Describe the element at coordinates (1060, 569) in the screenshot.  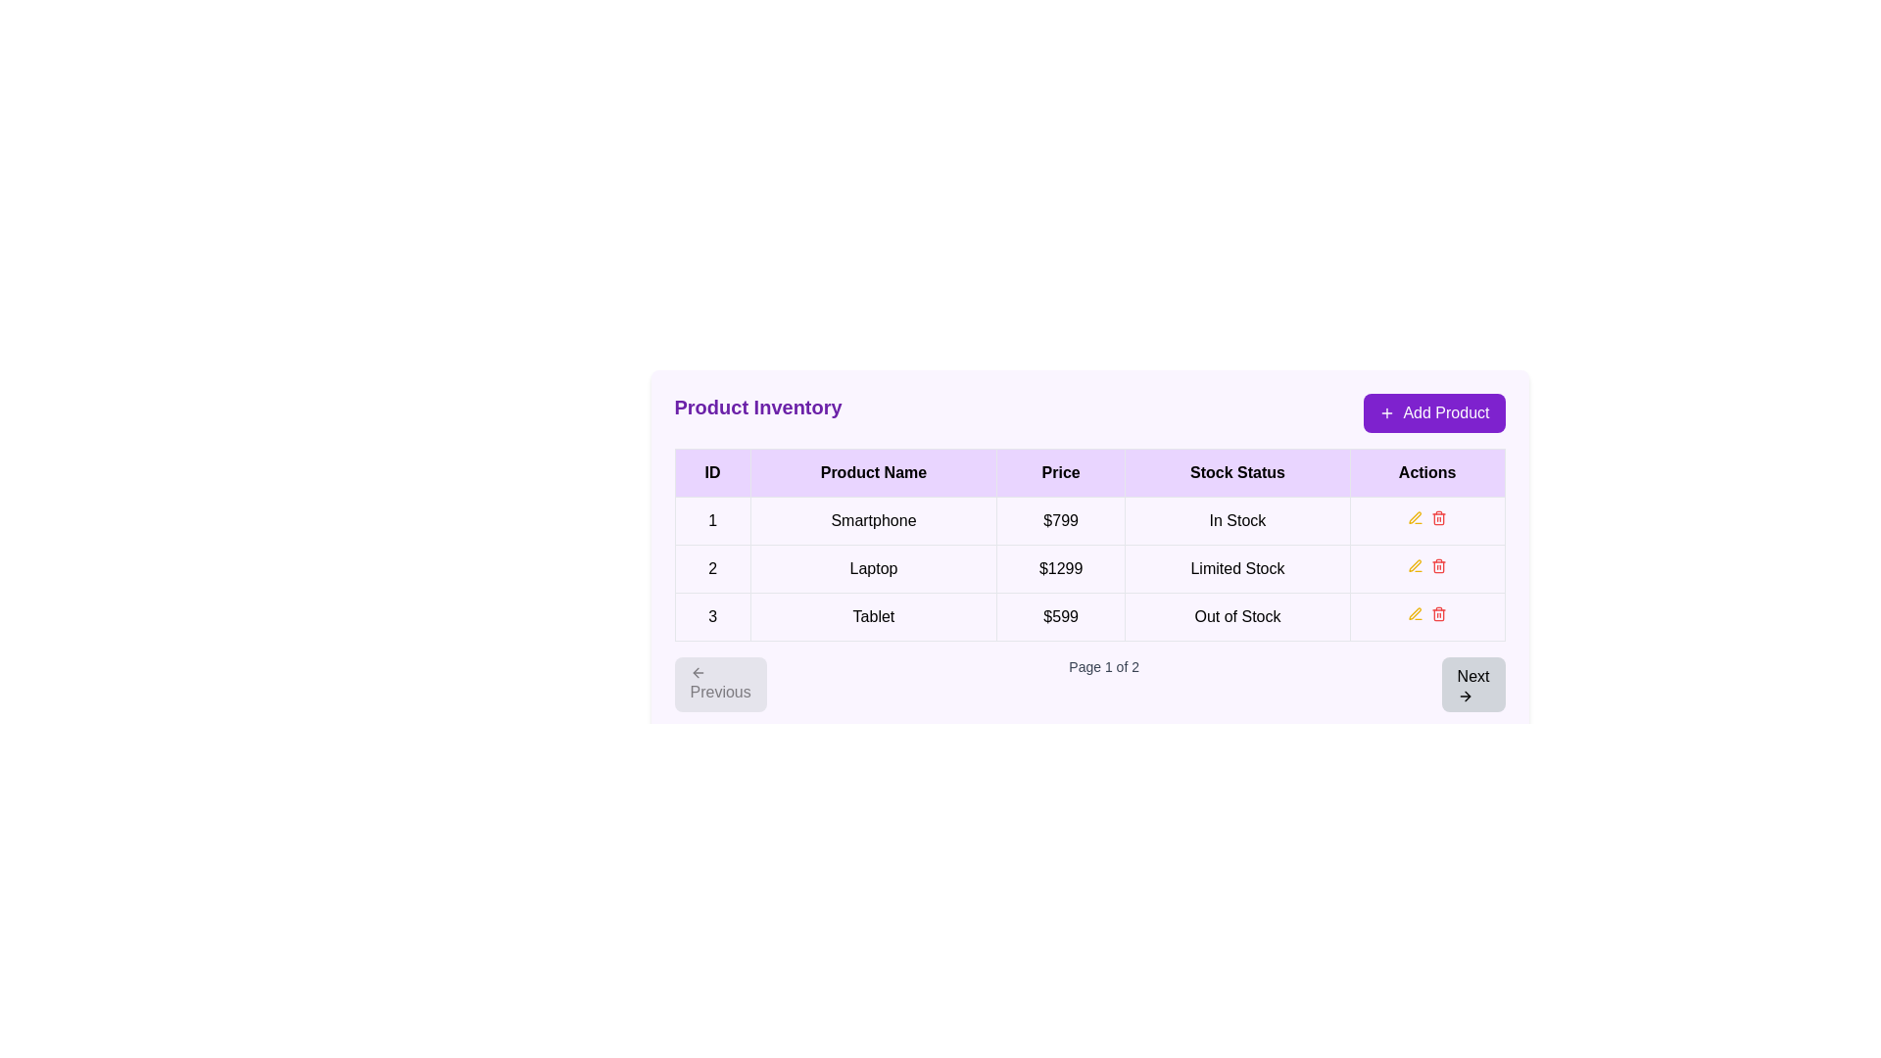
I see `the informational text label displaying the price of the 'Laptop' product in the third column of the second row within the table layout` at that location.